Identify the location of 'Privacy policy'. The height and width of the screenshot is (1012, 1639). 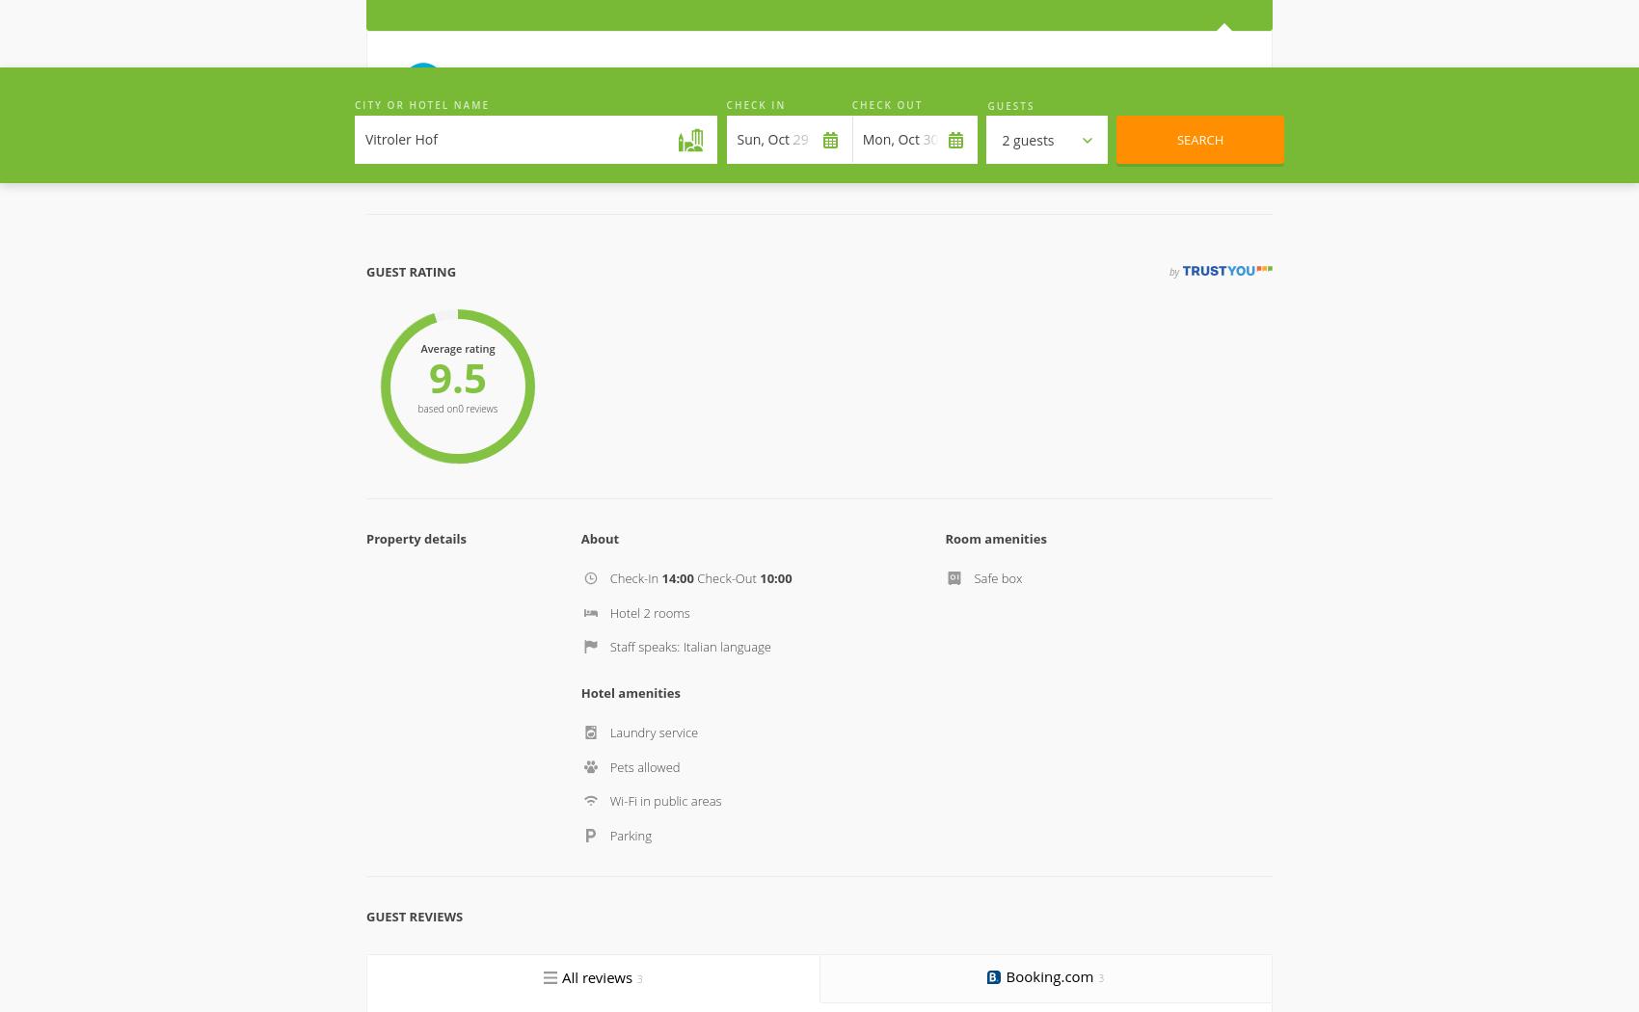
(691, 920).